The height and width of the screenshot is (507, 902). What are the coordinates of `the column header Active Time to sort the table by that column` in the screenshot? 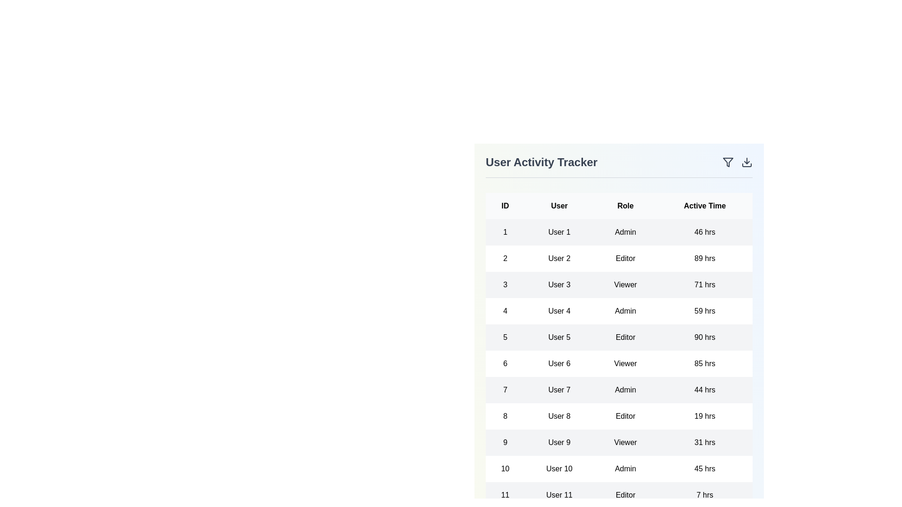 It's located at (704, 206).